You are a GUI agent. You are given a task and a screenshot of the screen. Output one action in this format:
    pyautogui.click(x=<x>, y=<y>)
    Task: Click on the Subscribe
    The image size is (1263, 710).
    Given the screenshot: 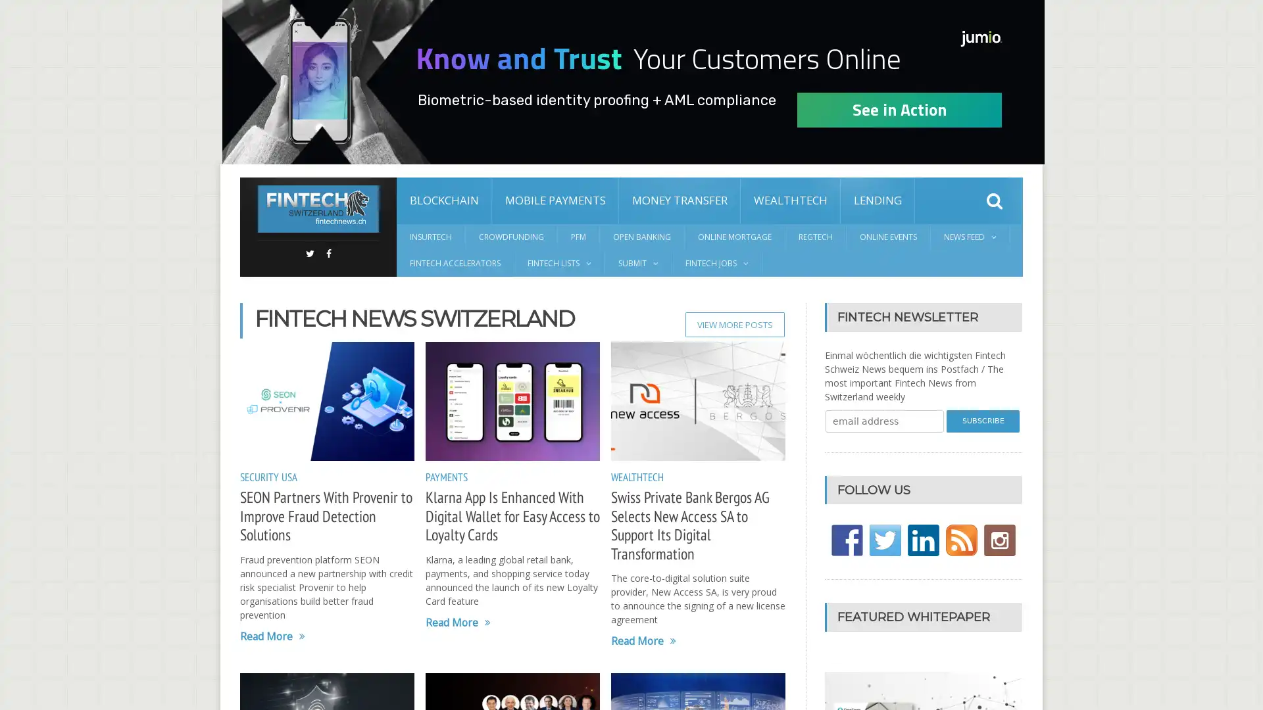 What is the action you would take?
    pyautogui.click(x=983, y=421)
    